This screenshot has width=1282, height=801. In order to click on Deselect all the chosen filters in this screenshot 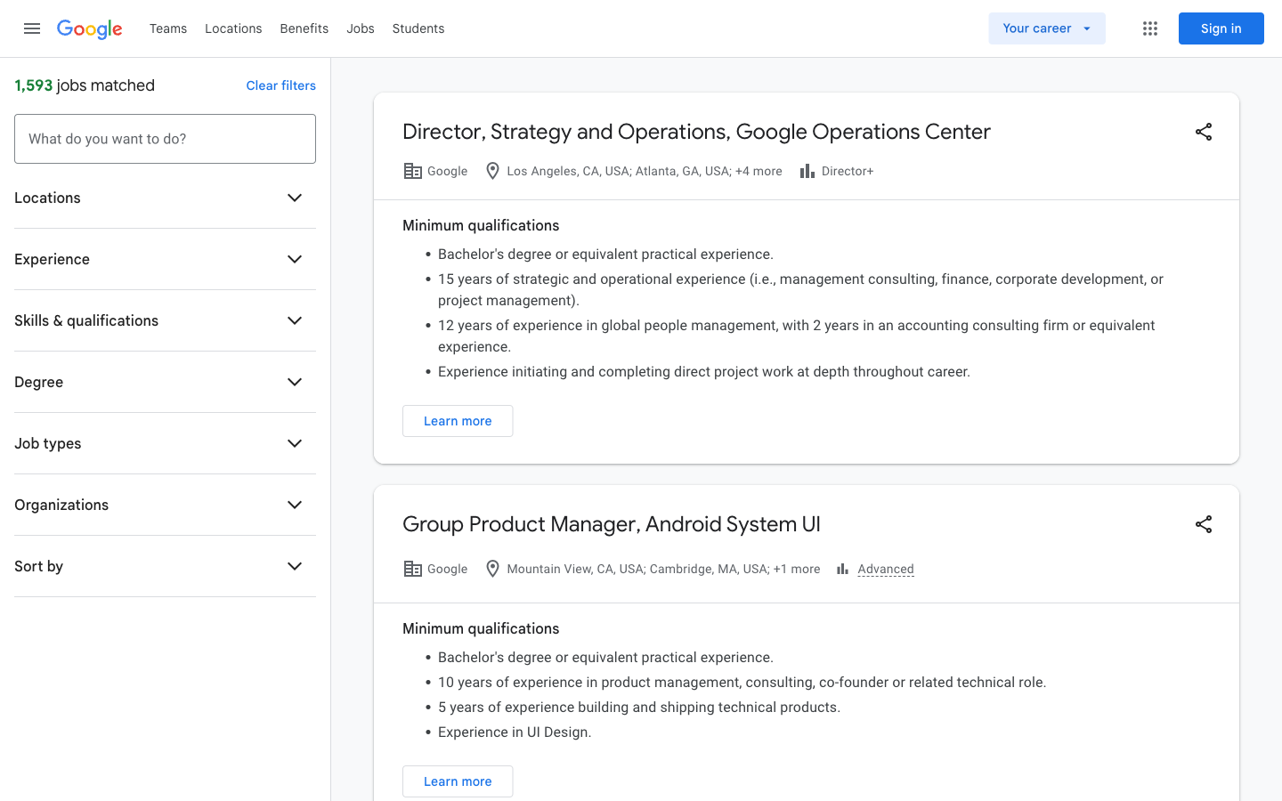, I will do `click(280, 85)`.